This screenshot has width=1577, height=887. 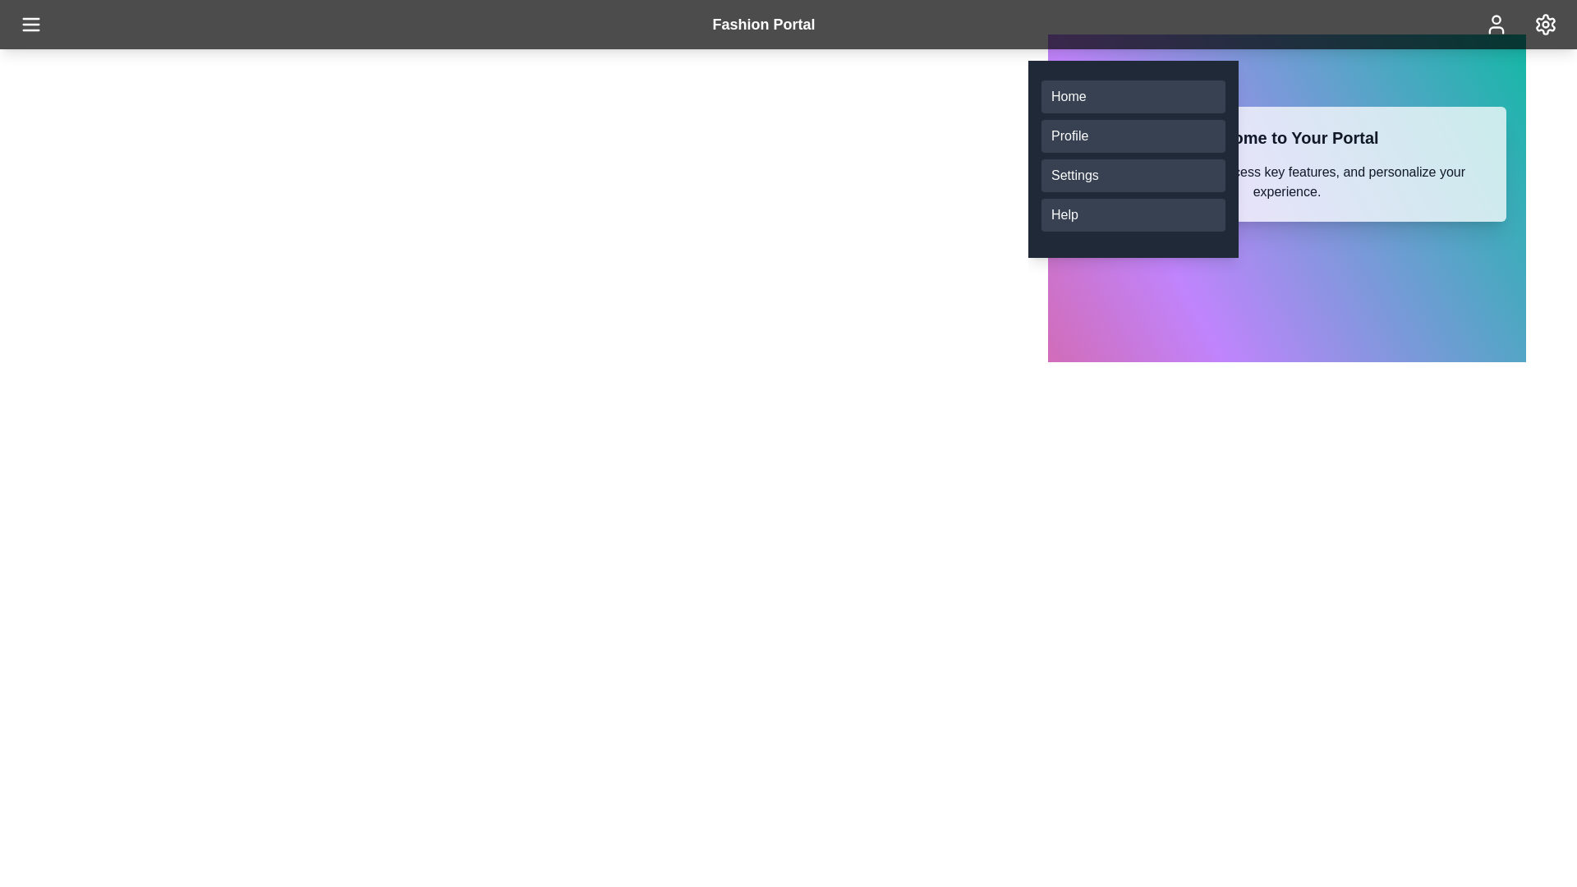 I want to click on the settings button located at the top-right corner of the app bar, so click(x=1544, y=25).